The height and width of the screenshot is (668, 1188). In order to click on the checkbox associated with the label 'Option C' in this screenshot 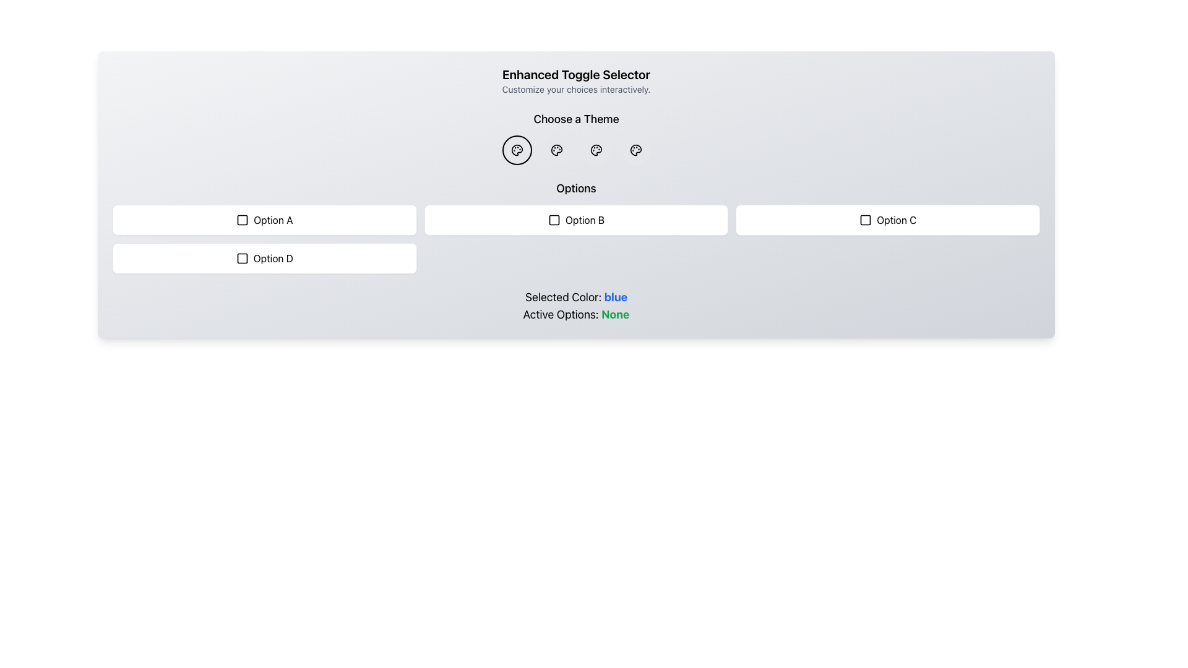, I will do `click(865, 219)`.